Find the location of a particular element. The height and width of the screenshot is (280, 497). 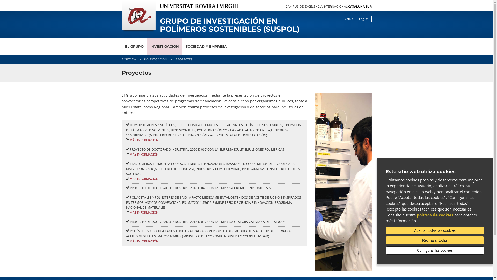

'PORTADA' is located at coordinates (129, 59).